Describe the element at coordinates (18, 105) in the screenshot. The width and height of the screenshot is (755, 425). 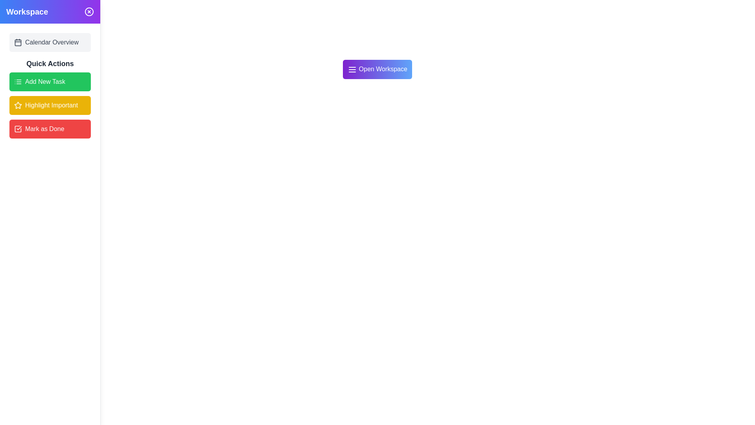
I see `the yellow star icon located at the left end of the 'Highlight Important' button in the 'Quick Actions' section` at that location.